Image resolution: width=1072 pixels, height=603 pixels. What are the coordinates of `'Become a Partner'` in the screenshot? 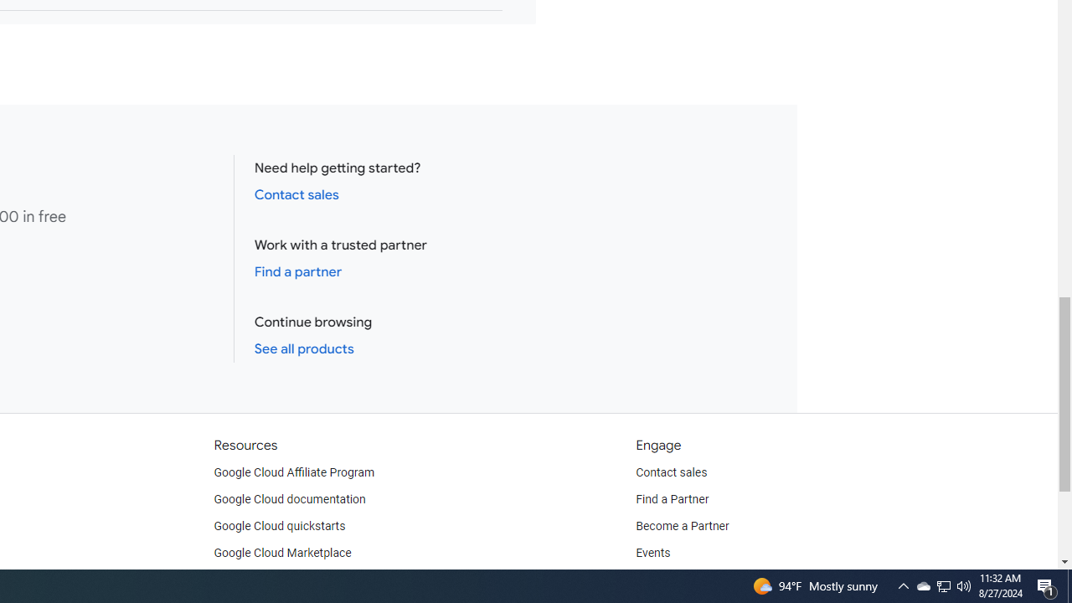 It's located at (682, 525).